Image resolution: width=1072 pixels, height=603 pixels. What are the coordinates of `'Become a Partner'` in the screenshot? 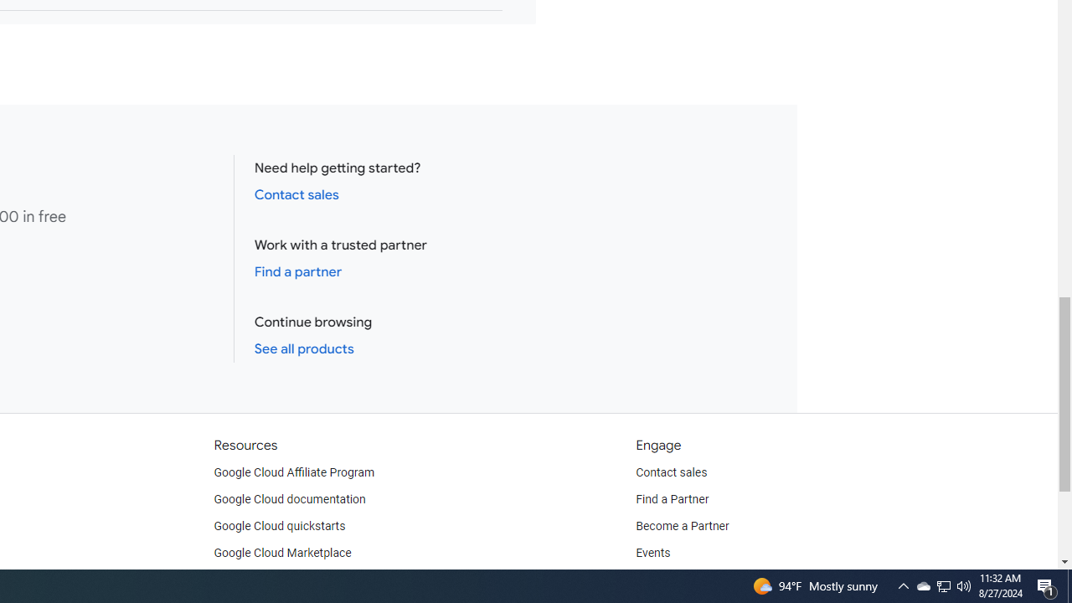 It's located at (682, 525).